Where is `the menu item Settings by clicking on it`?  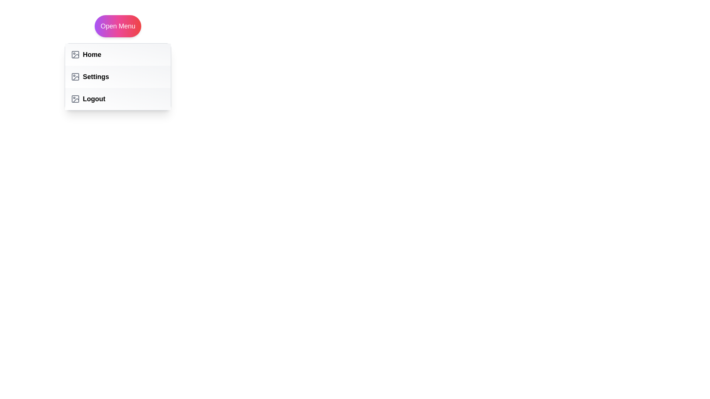 the menu item Settings by clicking on it is located at coordinates (117, 77).